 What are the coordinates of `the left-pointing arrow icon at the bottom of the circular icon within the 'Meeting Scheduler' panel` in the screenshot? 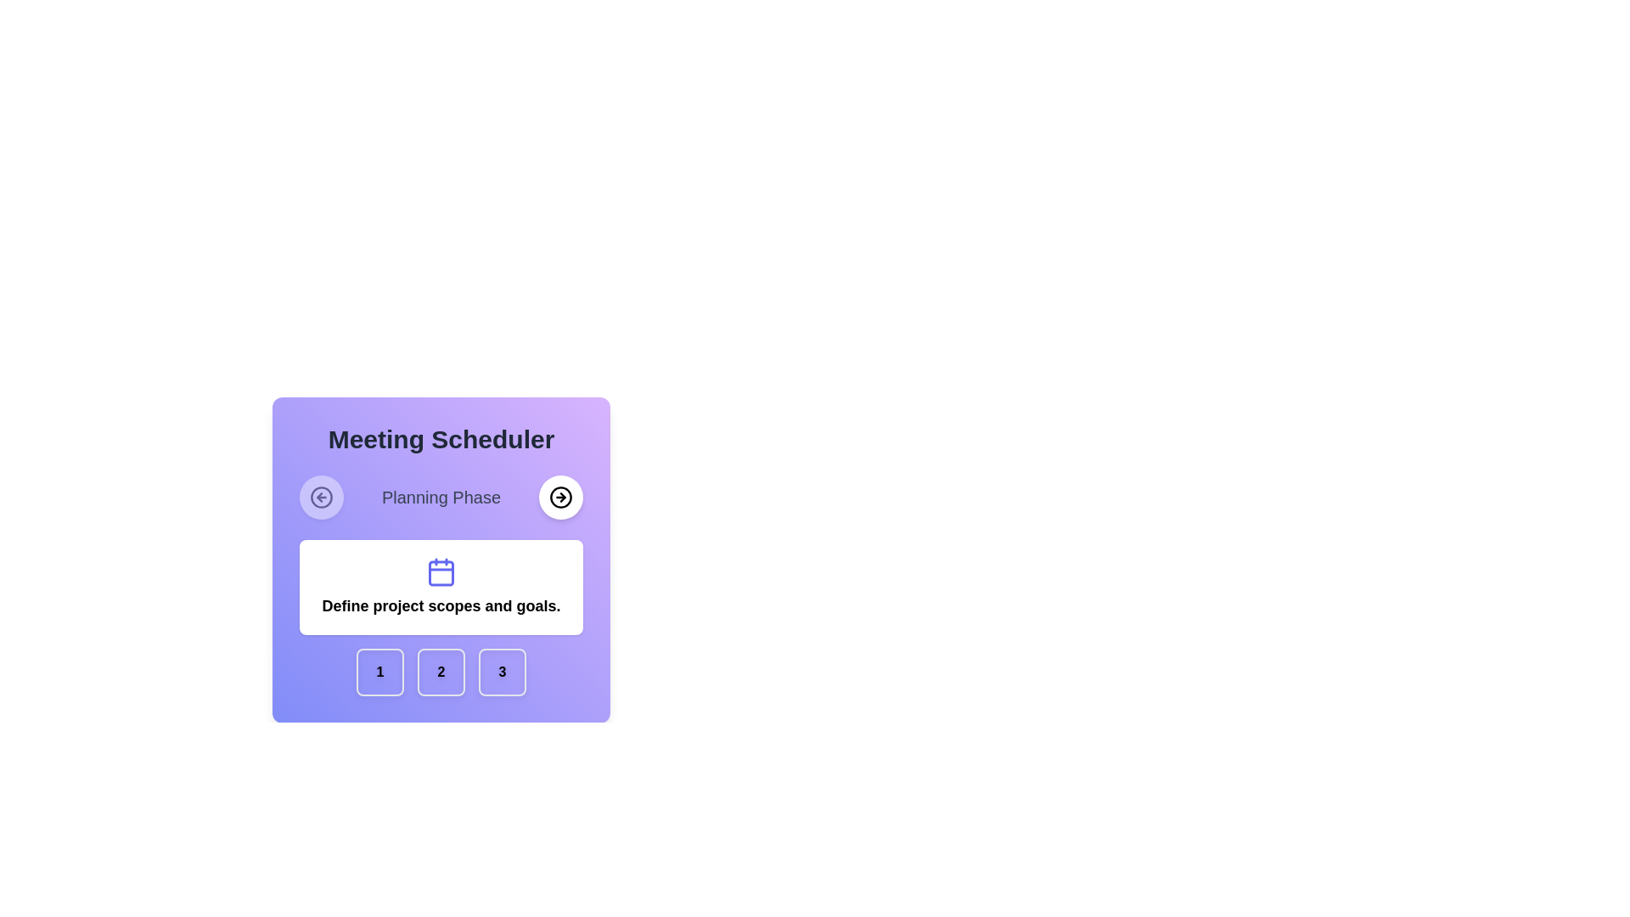 It's located at (319, 497).